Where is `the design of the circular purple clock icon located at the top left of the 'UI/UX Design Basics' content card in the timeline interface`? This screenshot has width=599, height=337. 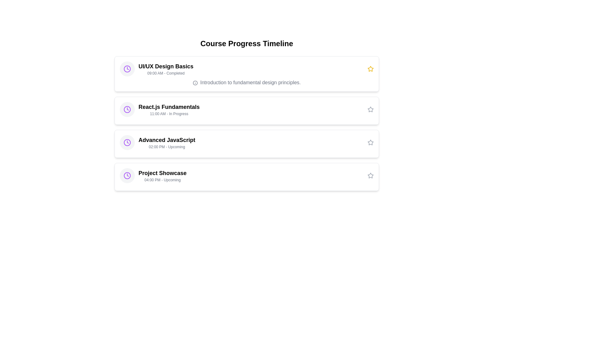 the design of the circular purple clock icon located at the top left of the 'UI/UX Design Basics' content card in the timeline interface is located at coordinates (127, 176).